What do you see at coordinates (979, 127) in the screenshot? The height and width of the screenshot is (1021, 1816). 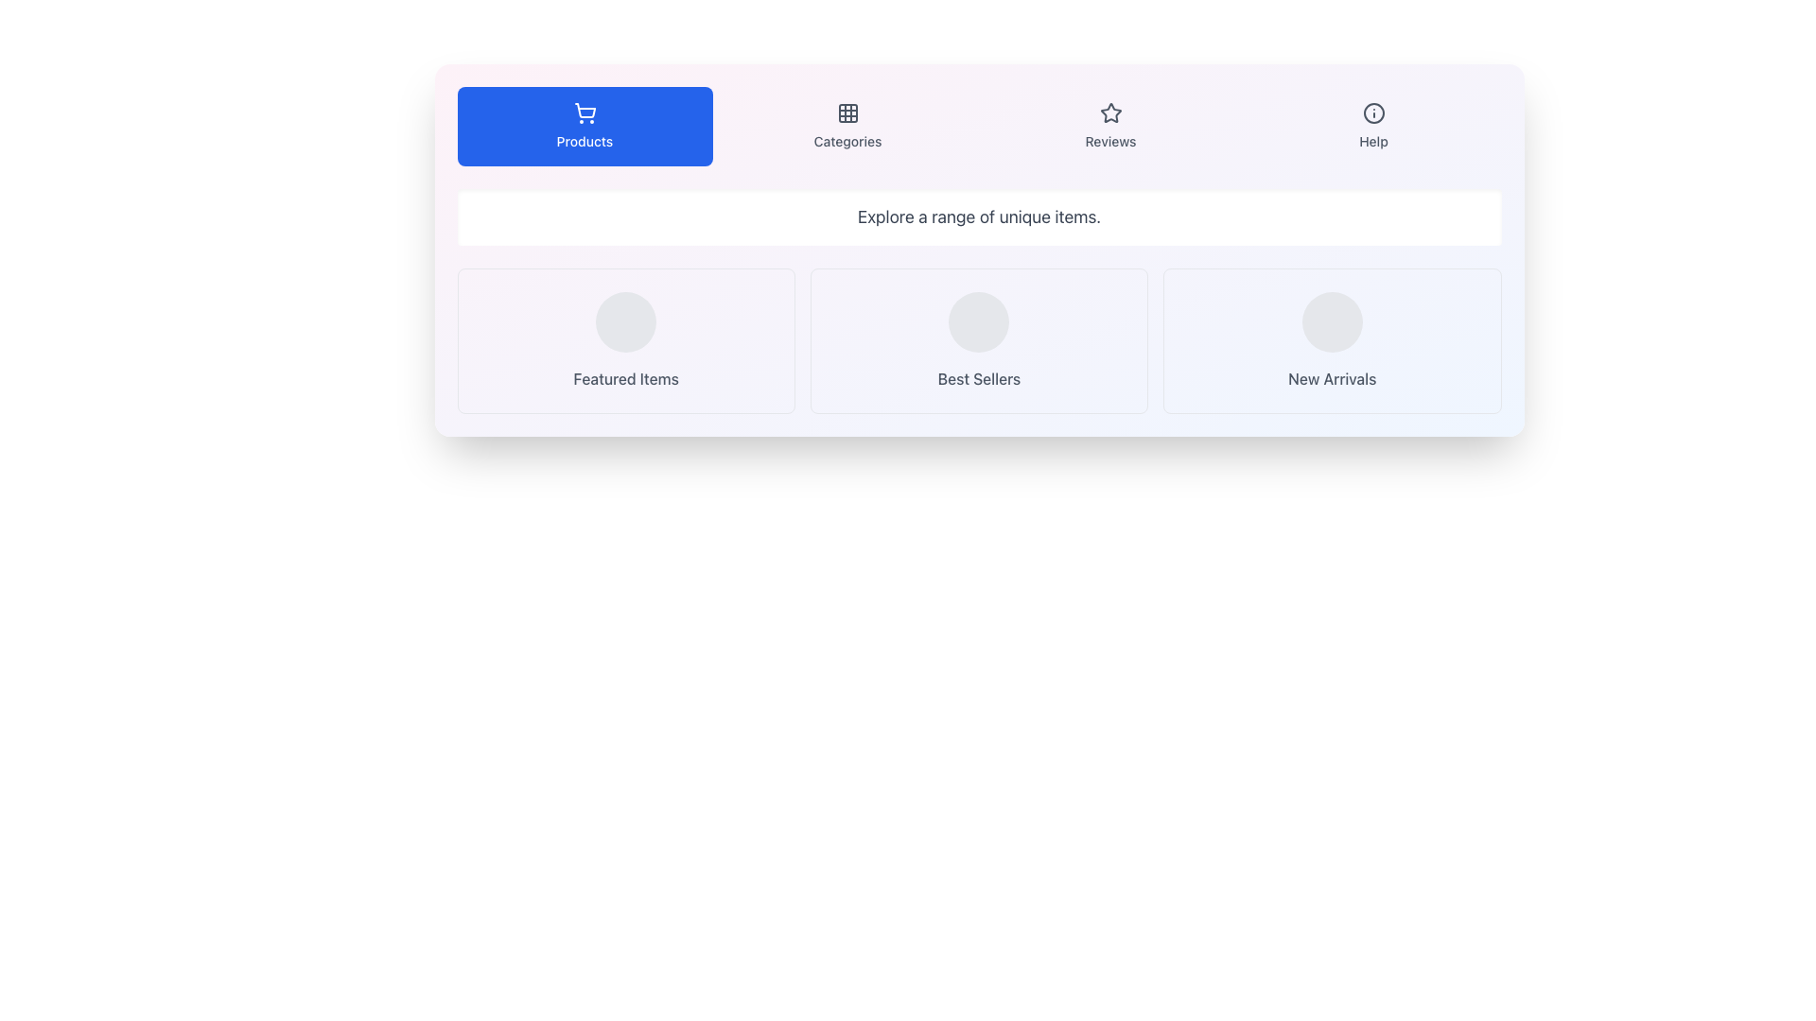 I see `the horizontal navigation bar which features a gradient background transitioning from pink to blue and contains four evenly distributed items with icons and labels` at bounding box center [979, 127].